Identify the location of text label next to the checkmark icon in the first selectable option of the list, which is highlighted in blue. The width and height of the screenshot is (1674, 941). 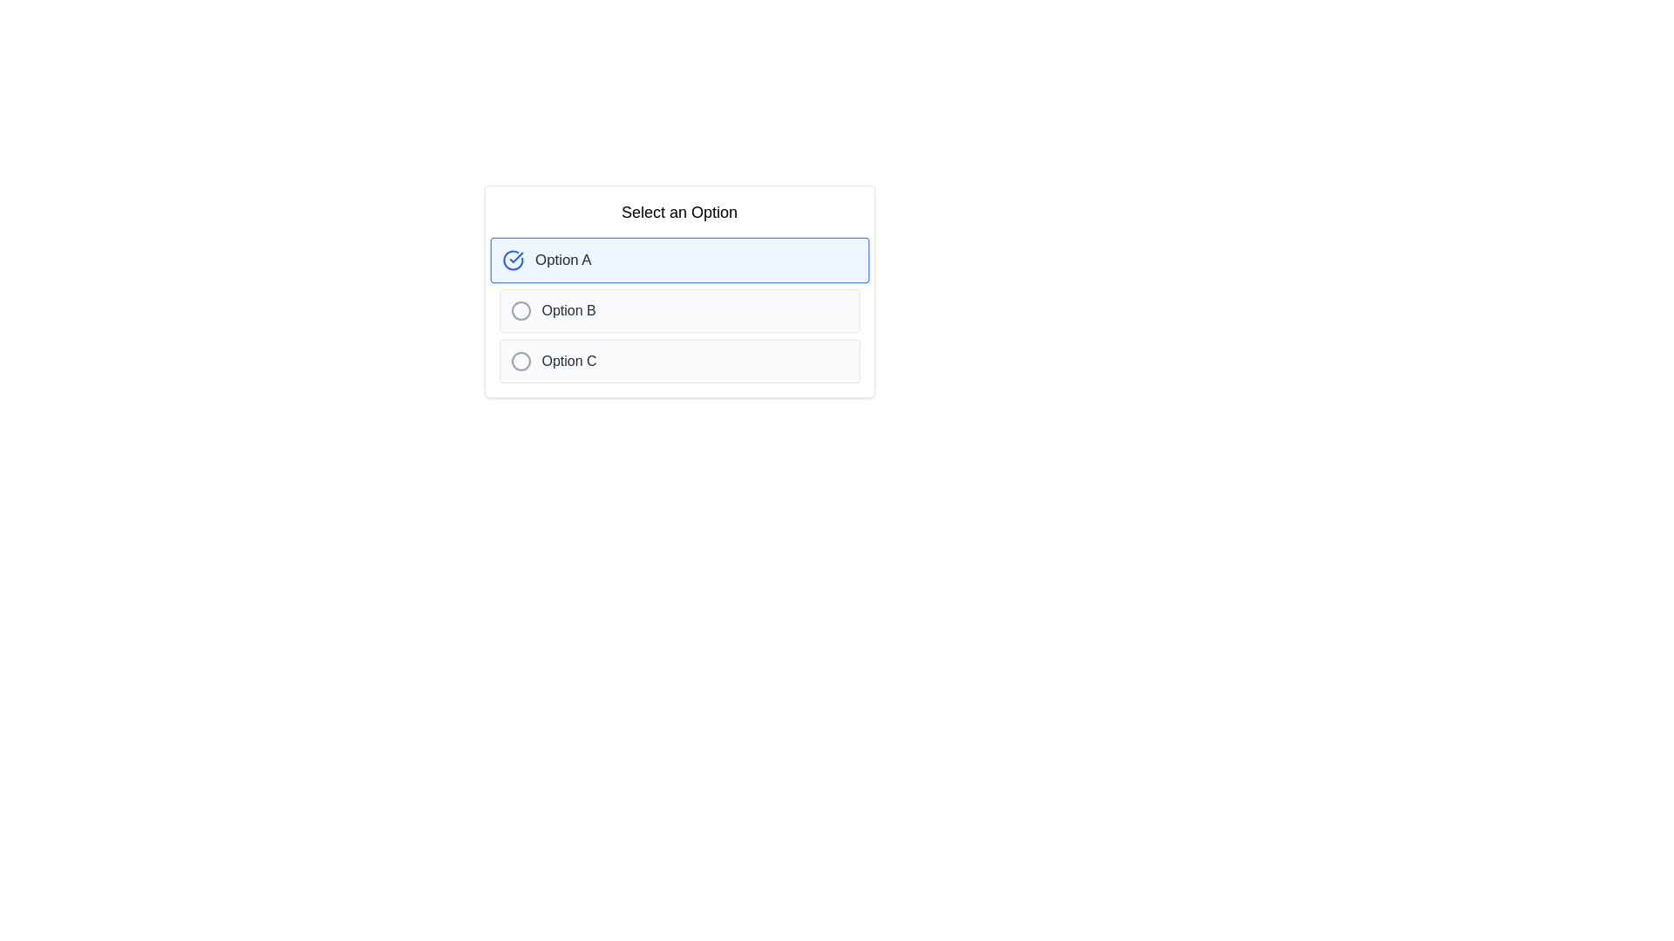
(562, 261).